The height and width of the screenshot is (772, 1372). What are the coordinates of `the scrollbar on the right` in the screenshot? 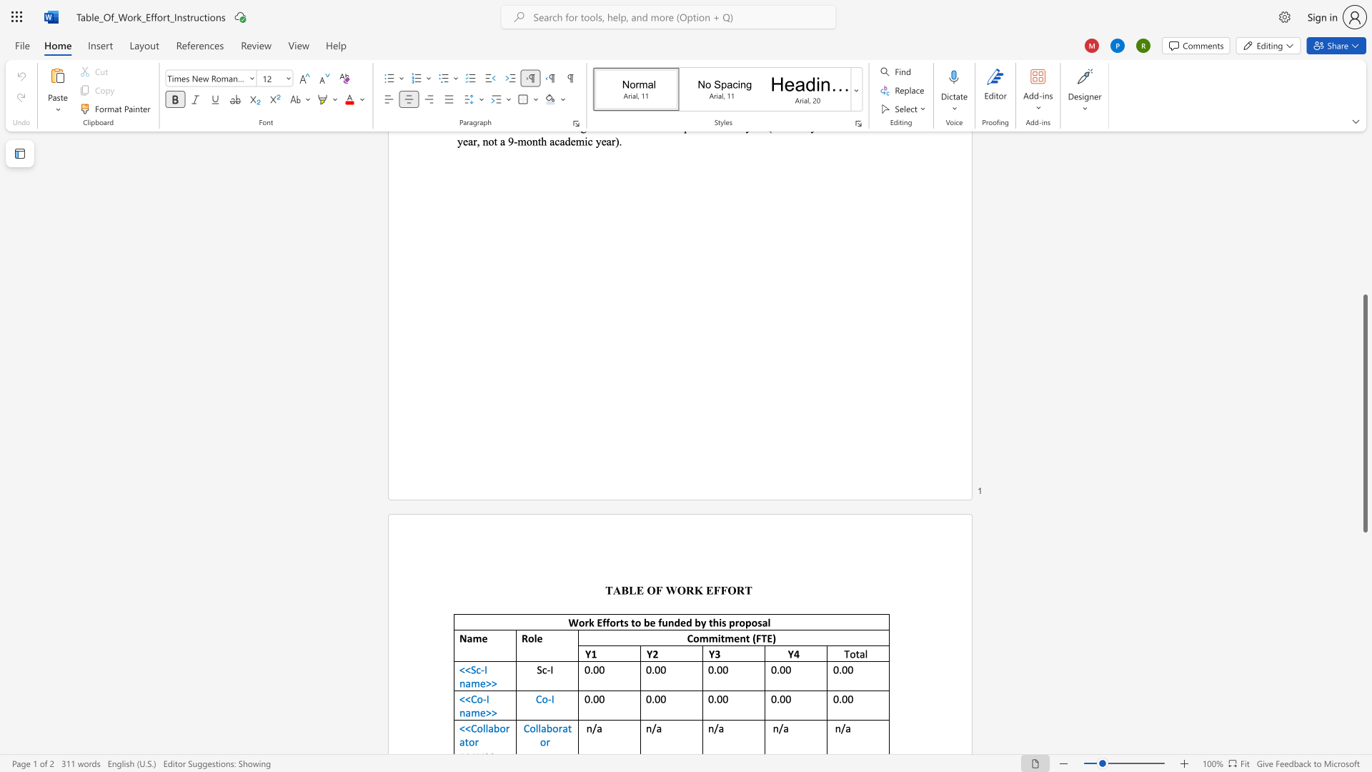 It's located at (1364, 221).